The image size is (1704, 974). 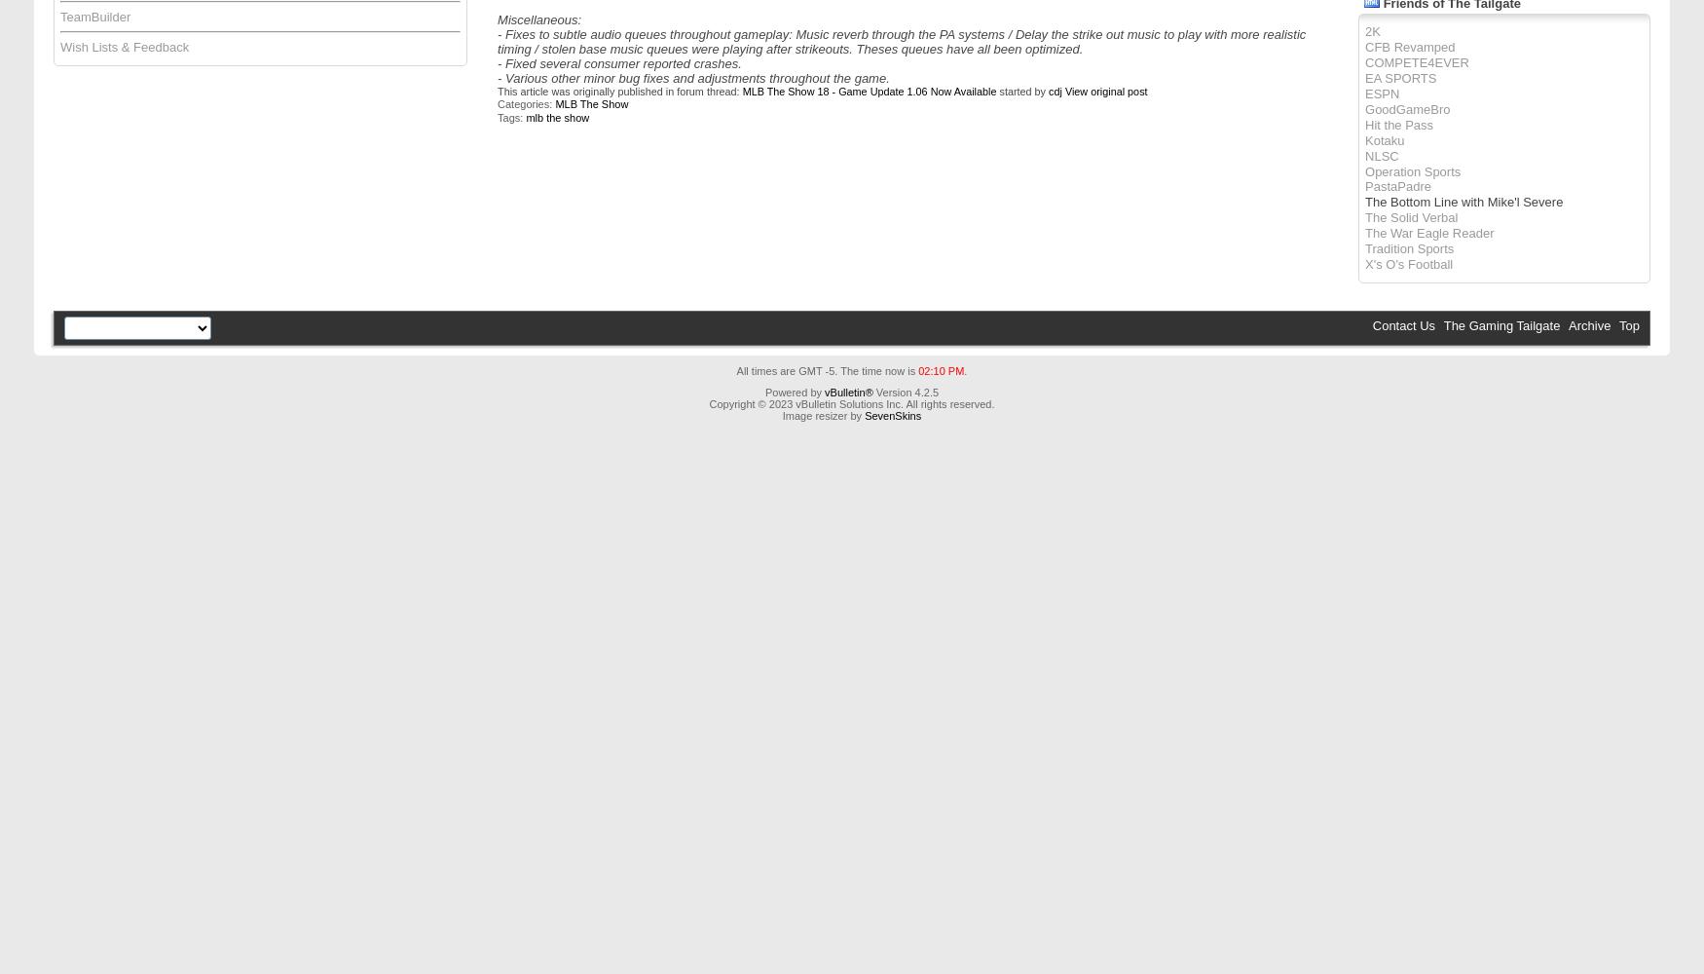 I want to click on 'EA SPORTS', so click(x=1400, y=76).